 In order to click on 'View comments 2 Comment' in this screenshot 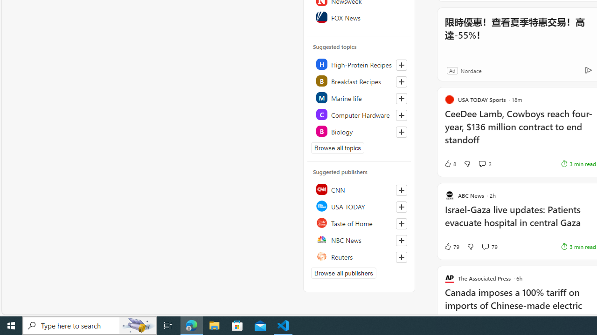, I will do `click(485, 163)`.